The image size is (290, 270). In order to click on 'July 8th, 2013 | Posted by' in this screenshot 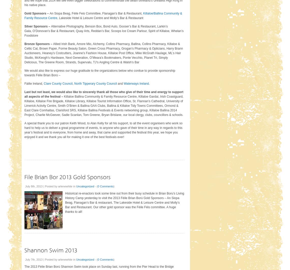, I will do `click(41, 186)`.